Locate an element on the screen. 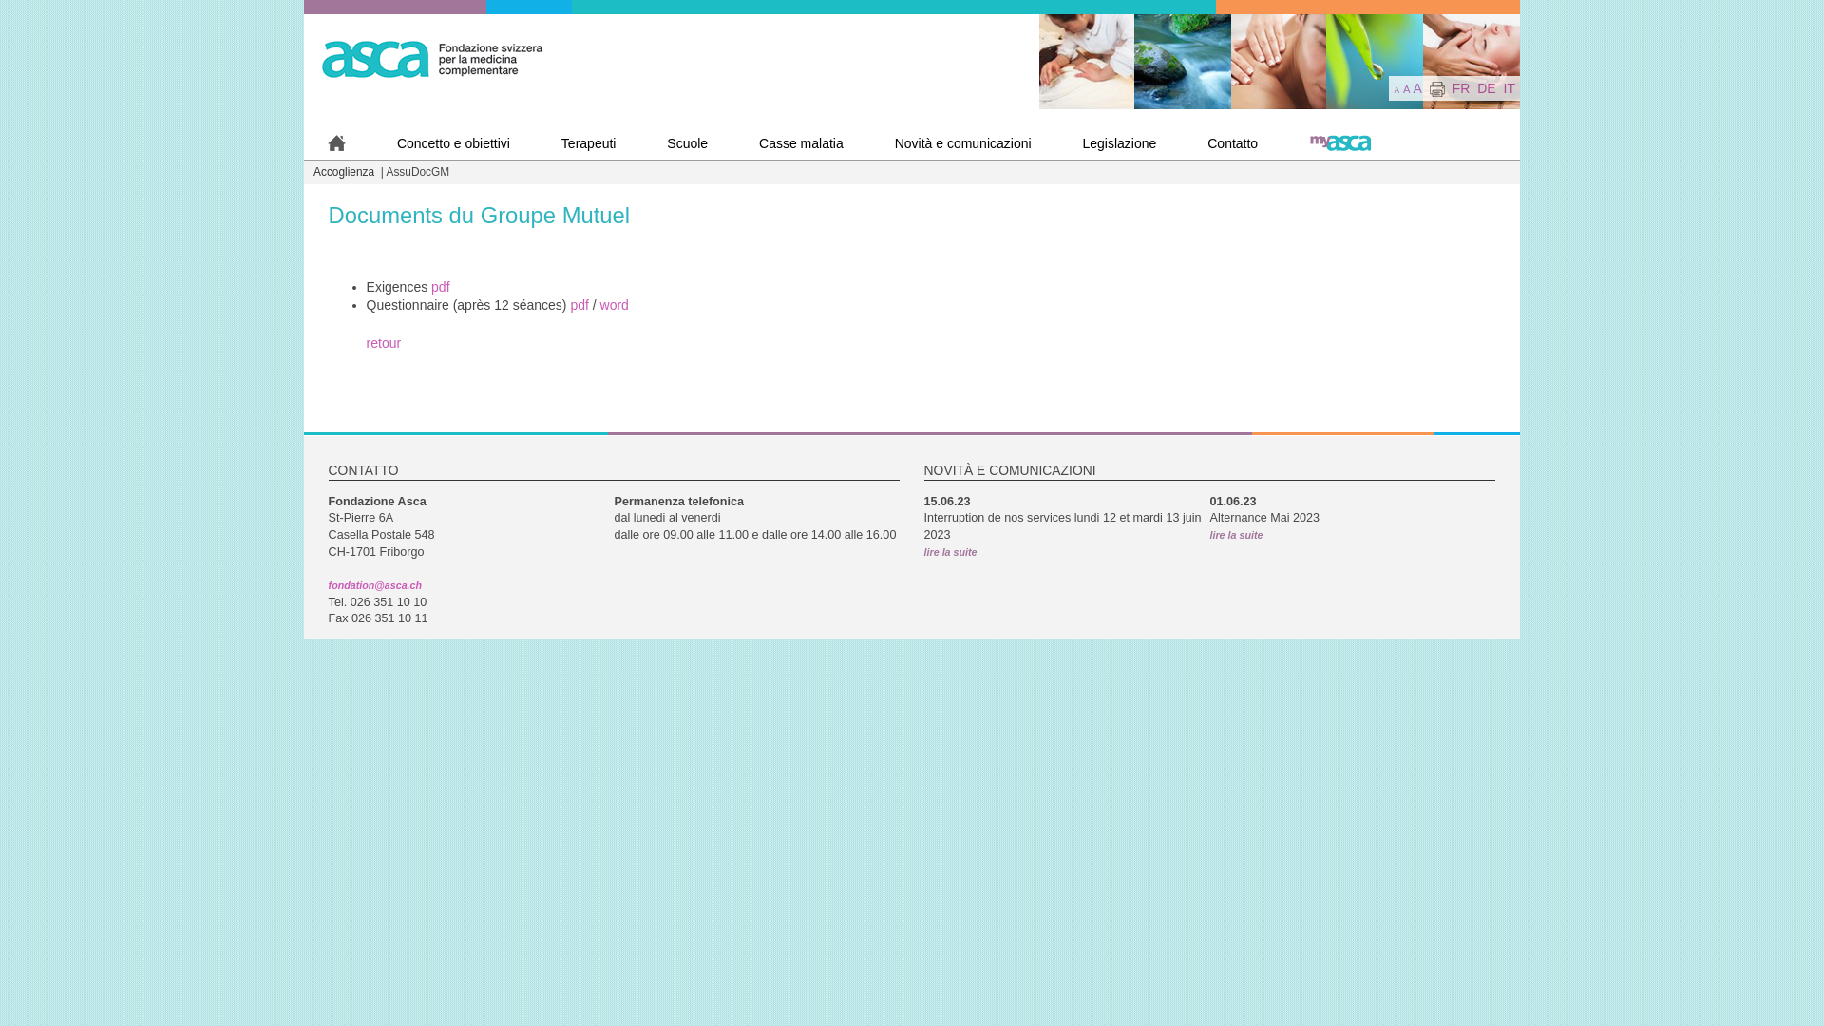 The height and width of the screenshot is (1026, 1824). 'Casse malatia' is located at coordinates (733, 142).